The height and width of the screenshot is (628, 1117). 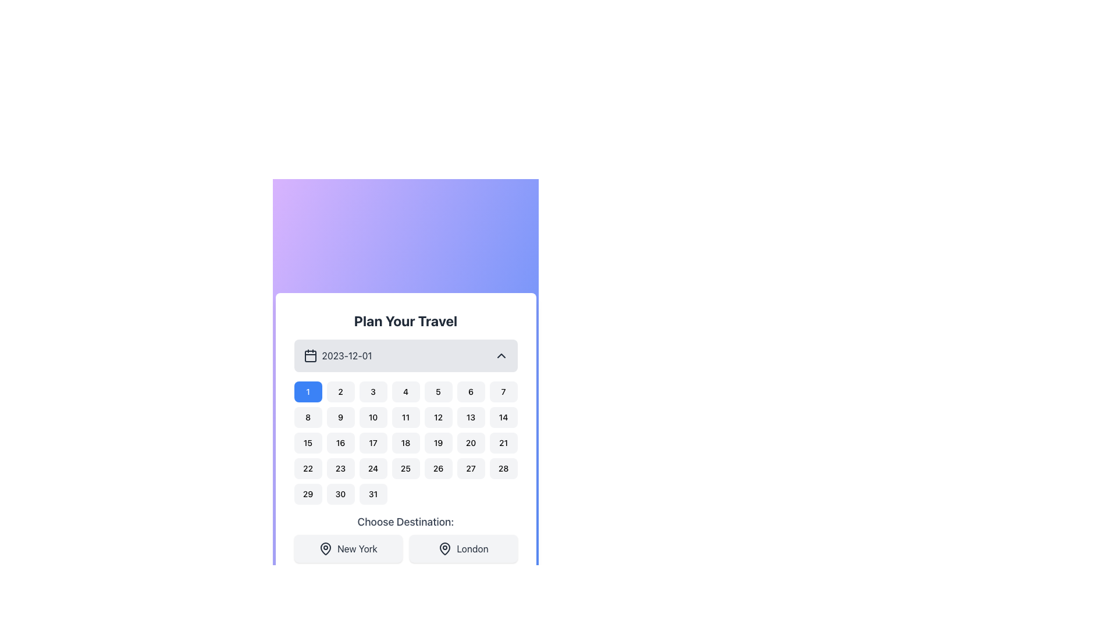 What do you see at coordinates (373, 443) in the screenshot?
I see `the calendar date selector button` at bounding box center [373, 443].